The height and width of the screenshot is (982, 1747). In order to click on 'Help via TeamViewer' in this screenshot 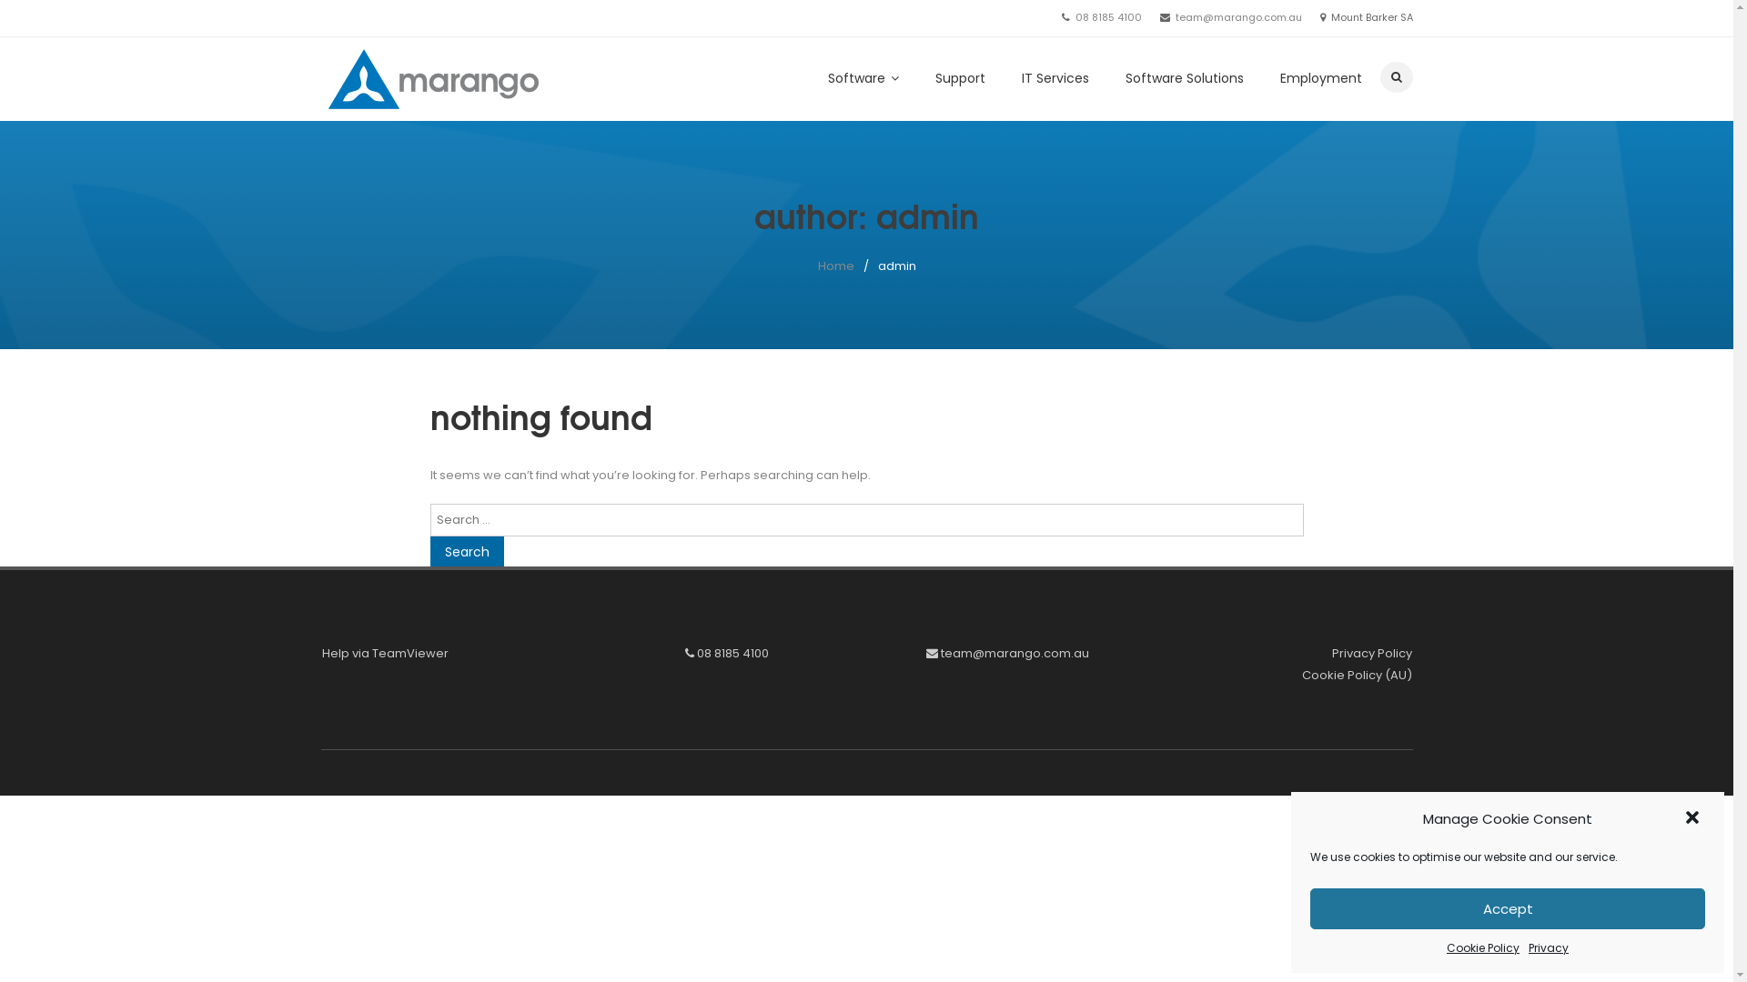, I will do `click(384, 652)`.